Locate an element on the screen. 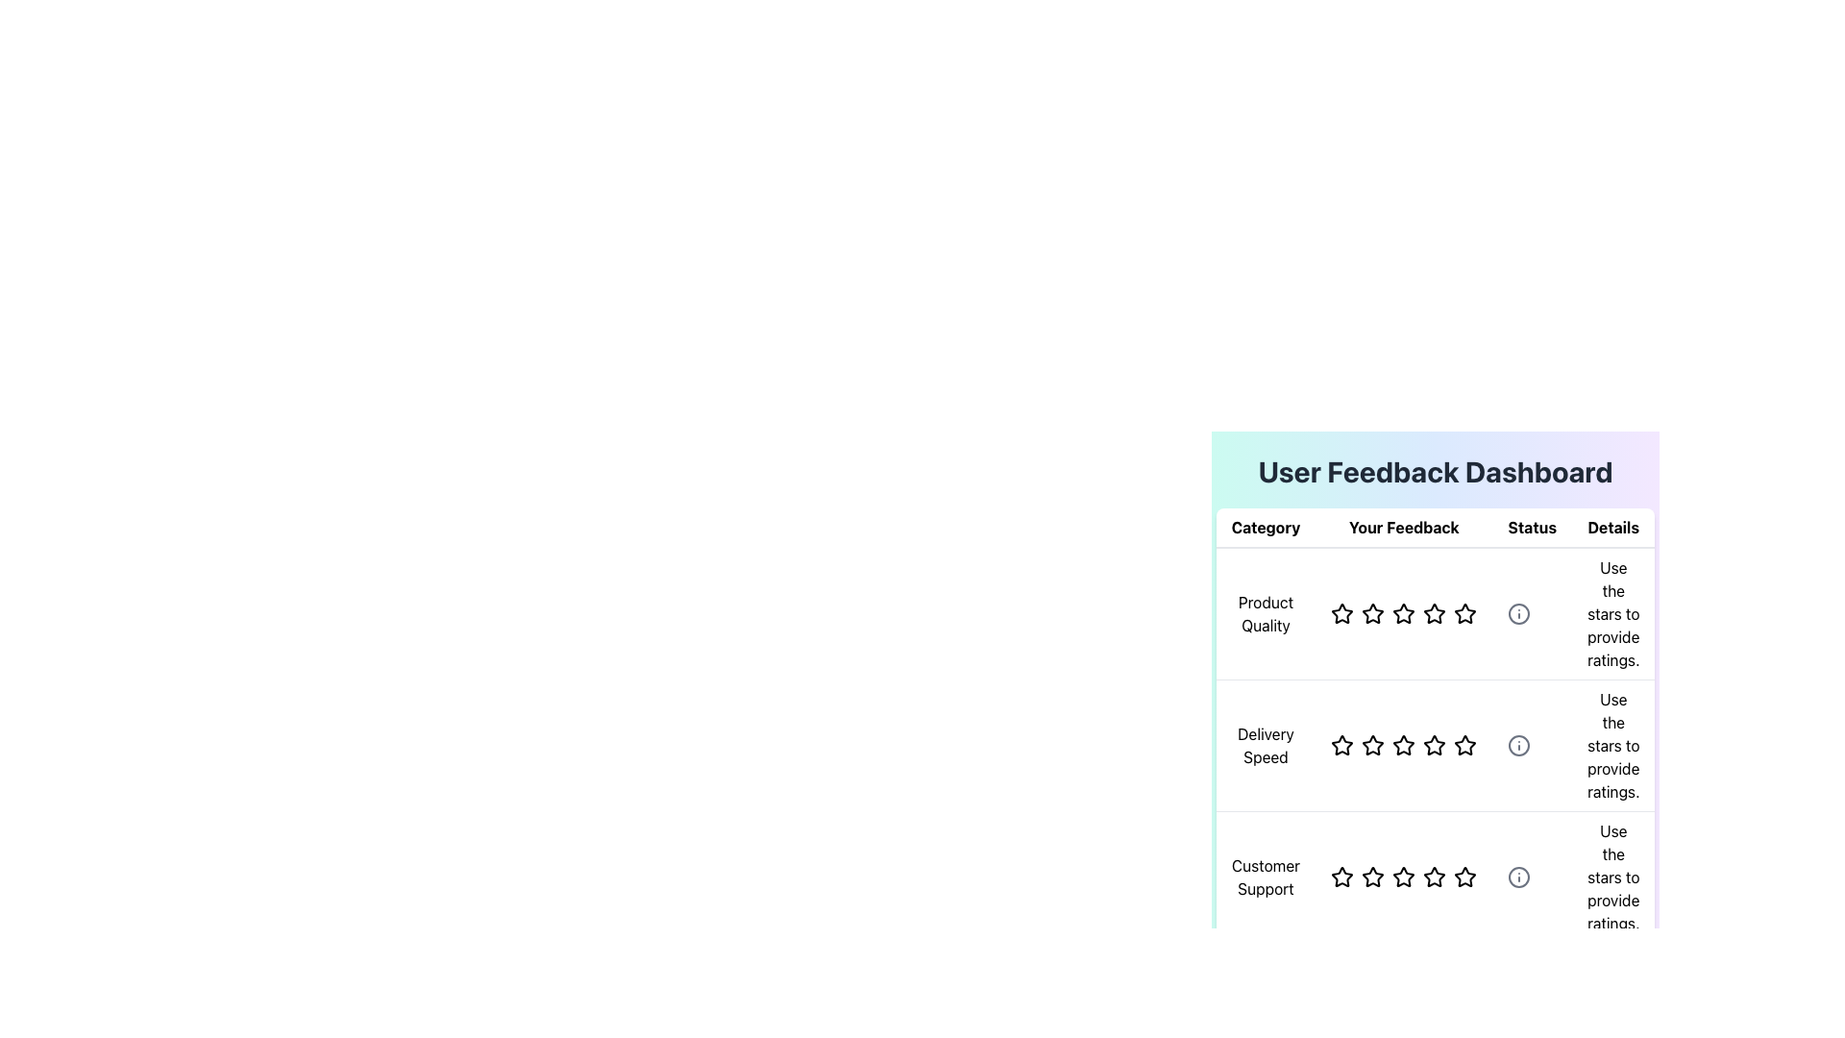 This screenshot has height=1038, width=1845. the third star in the row of five stars for the 'Product Quality' rating under 'Your Feedback' is located at coordinates (1404, 614).